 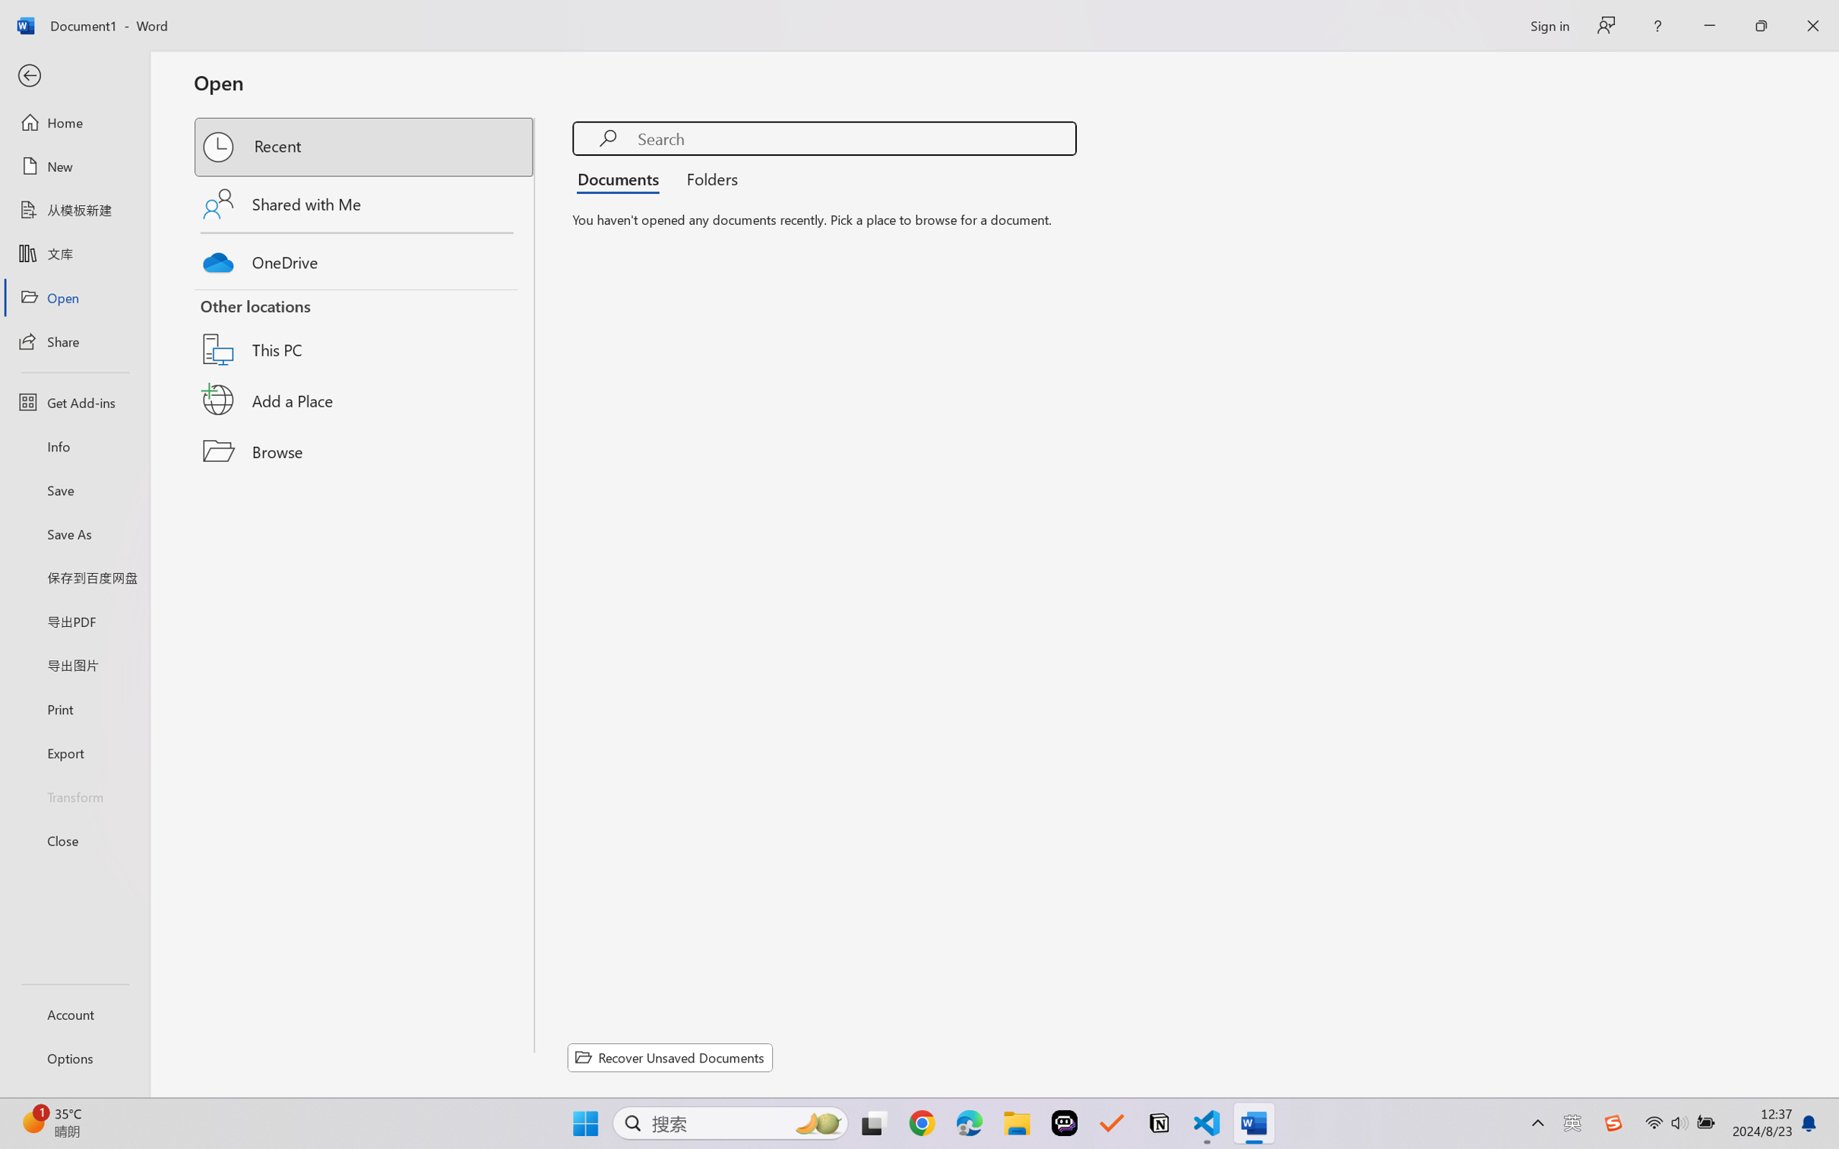 What do you see at coordinates (365, 203) in the screenshot?
I see `'Shared with Me'` at bounding box center [365, 203].